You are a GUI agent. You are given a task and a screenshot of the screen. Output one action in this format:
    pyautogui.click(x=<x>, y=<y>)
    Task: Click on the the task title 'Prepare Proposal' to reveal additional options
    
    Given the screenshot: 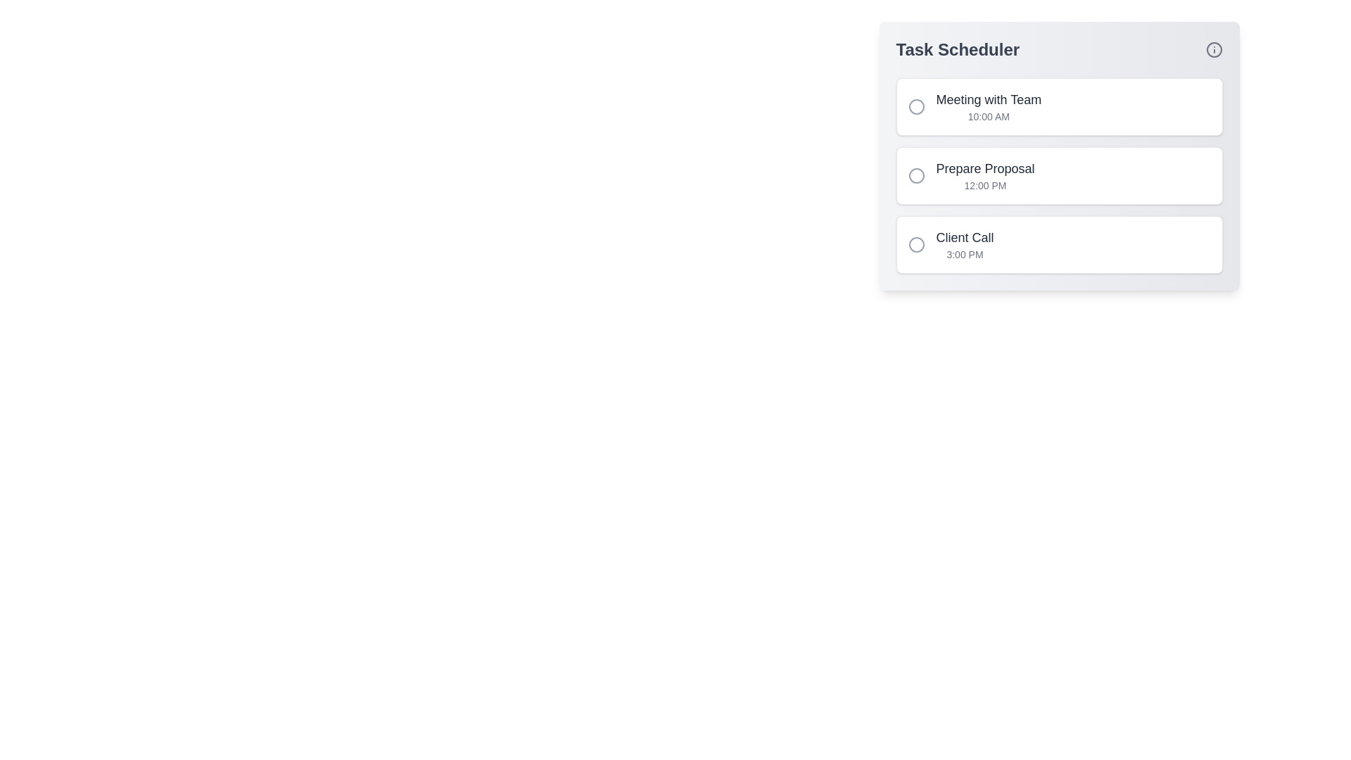 What is the action you would take?
    pyautogui.click(x=984, y=167)
    